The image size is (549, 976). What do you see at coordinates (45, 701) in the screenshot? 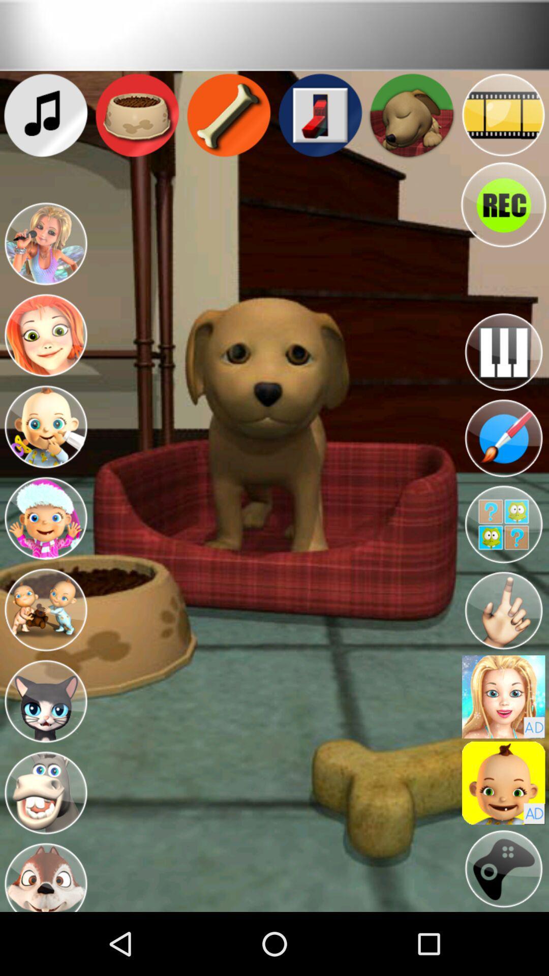
I see `cat` at bounding box center [45, 701].